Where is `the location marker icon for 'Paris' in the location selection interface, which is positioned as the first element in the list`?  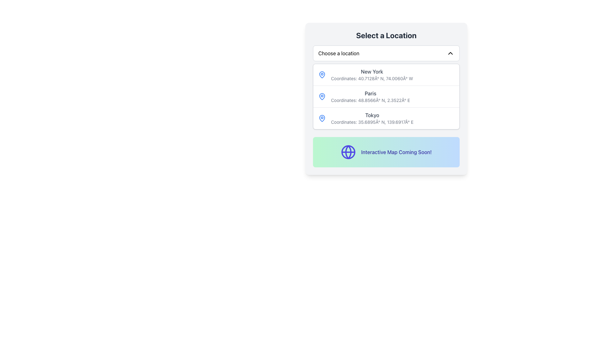 the location marker icon for 'Paris' in the location selection interface, which is positioned as the first element in the list is located at coordinates (322, 96).